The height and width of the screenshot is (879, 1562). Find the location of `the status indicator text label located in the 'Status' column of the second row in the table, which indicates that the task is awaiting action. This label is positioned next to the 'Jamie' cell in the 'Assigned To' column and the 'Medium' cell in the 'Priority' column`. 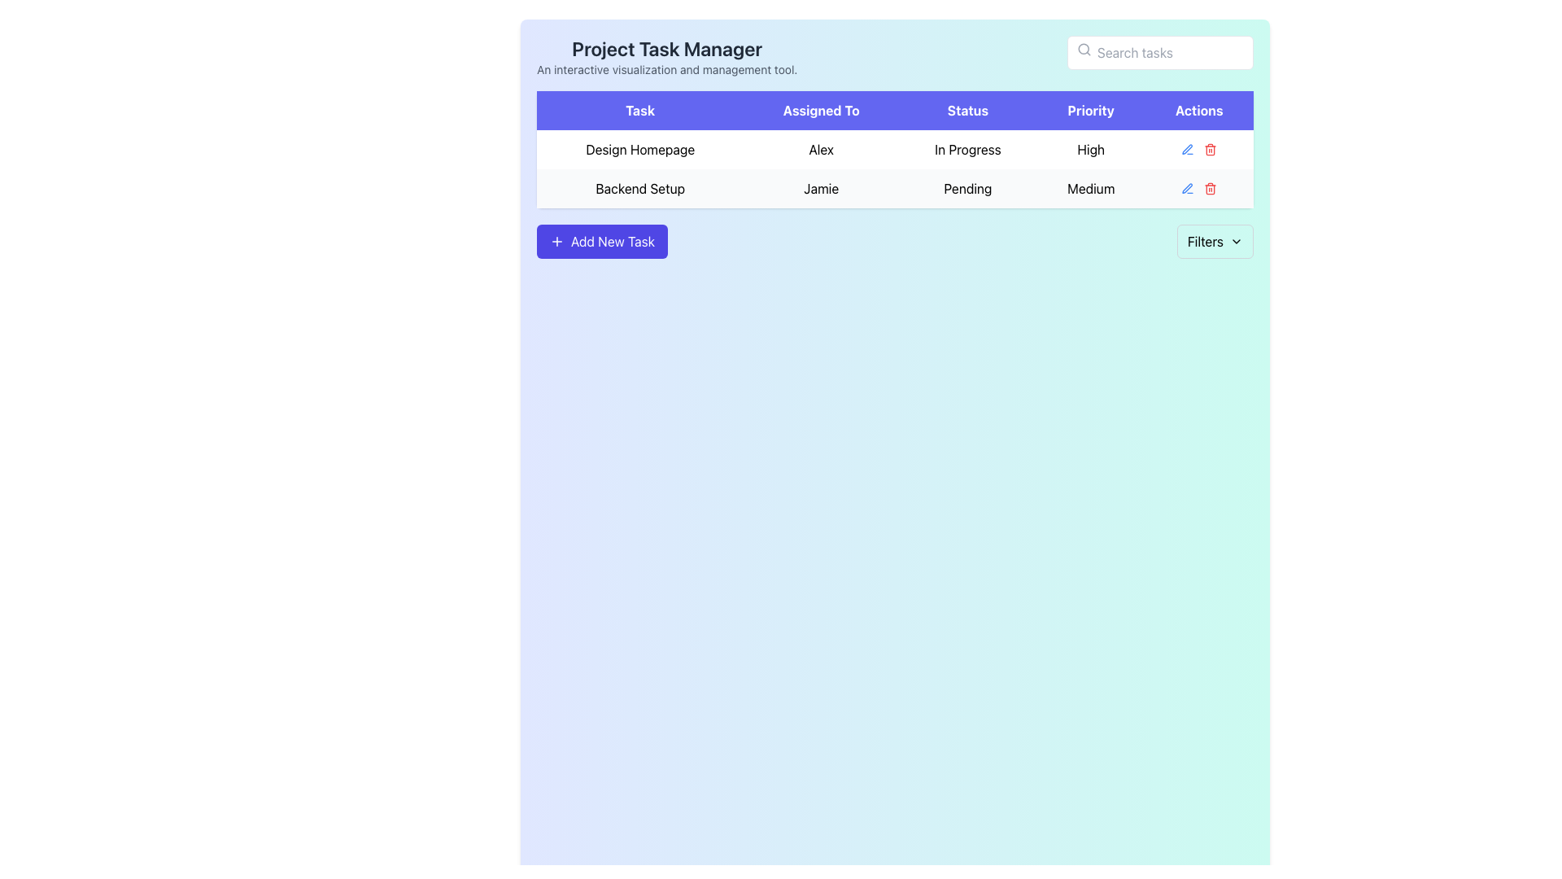

the status indicator text label located in the 'Status' column of the second row in the table, which indicates that the task is awaiting action. This label is positioned next to the 'Jamie' cell in the 'Assigned To' column and the 'Medium' cell in the 'Priority' column is located at coordinates (967, 187).